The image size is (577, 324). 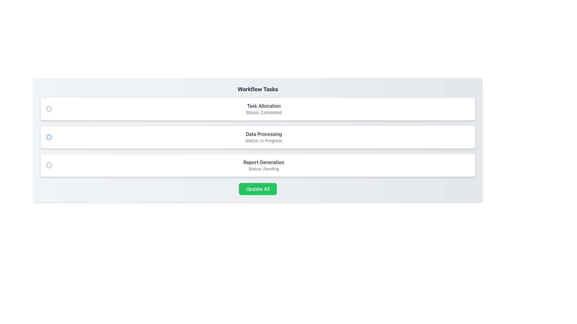 I want to click on the update button located at the bottom section of the interface, centered horizontally, directly below the list of workflow tasks, so click(x=258, y=188).